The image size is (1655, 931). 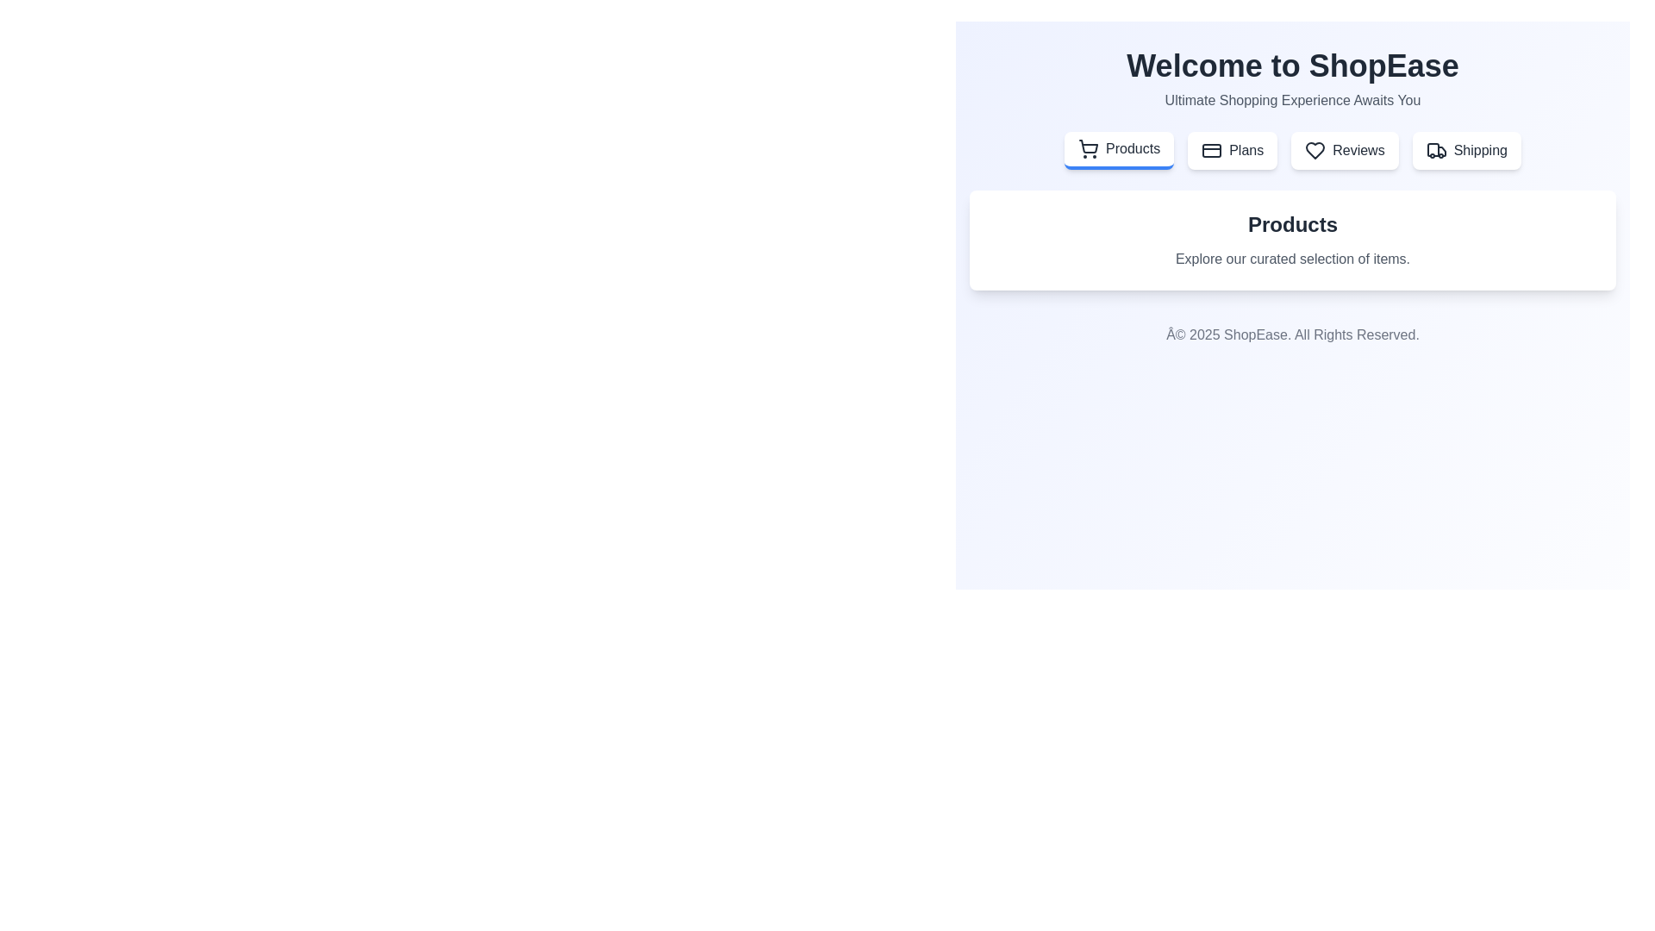 What do you see at coordinates (1315, 149) in the screenshot?
I see `the heart icon located to the left of the 'Reviews' label, which signifies a review or favorite feature` at bounding box center [1315, 149].